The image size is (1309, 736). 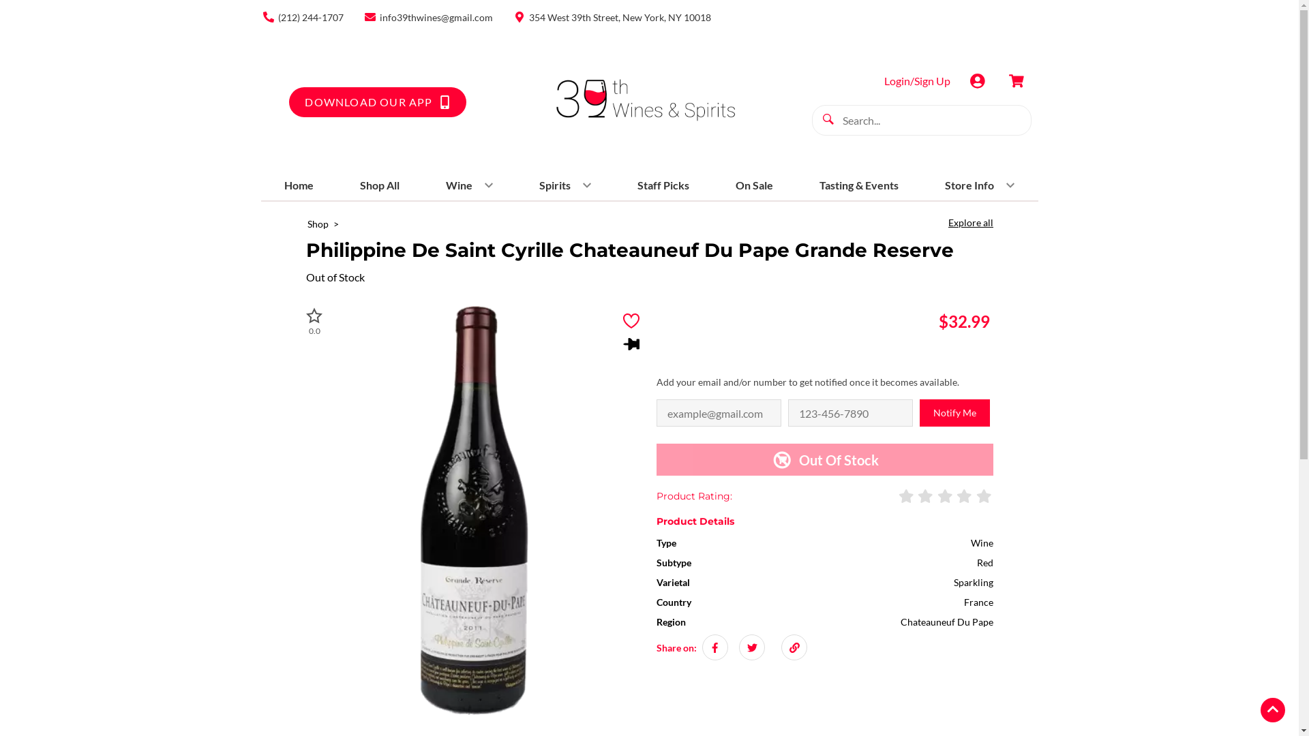 What do you see at coordinates (354, 185) in the screenshot?
I see `'Shop All'` at bounding box center [354, 185].